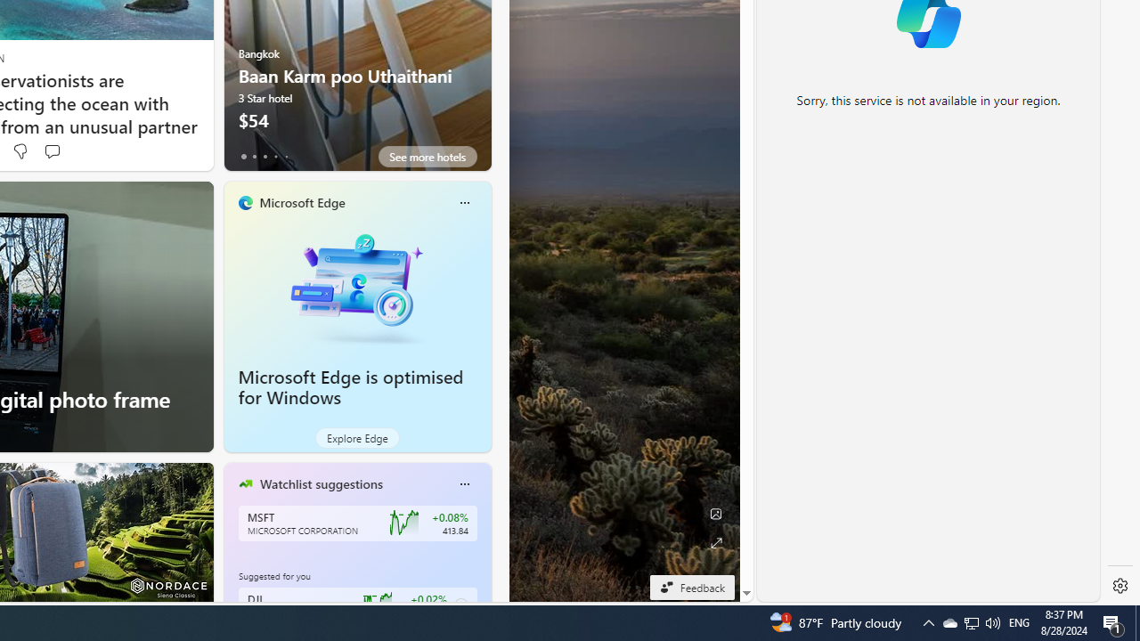 This screenshot has width=1140, height=641. Describe the element at coordinates (52, 150) in the screenshot. I see `'Start the conversation'` at that location.